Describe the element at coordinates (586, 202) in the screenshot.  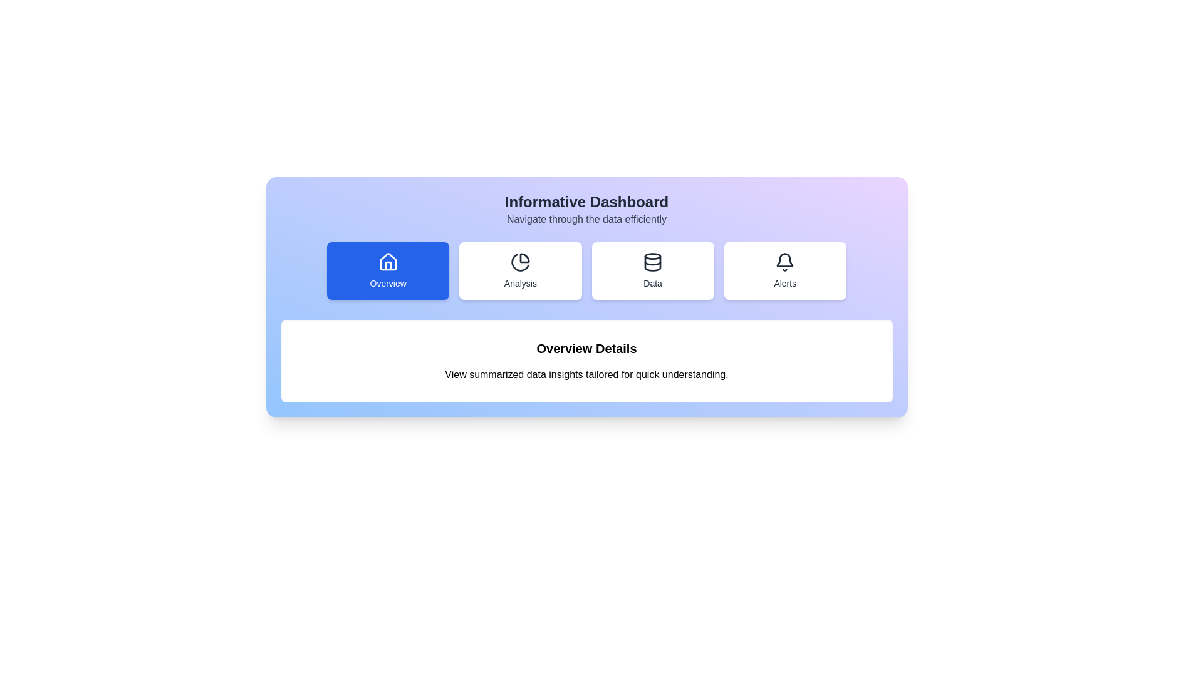
I see `the 'Informative Dashboard' title at the top-center of the header section to trigger possible visual effects` at that location.